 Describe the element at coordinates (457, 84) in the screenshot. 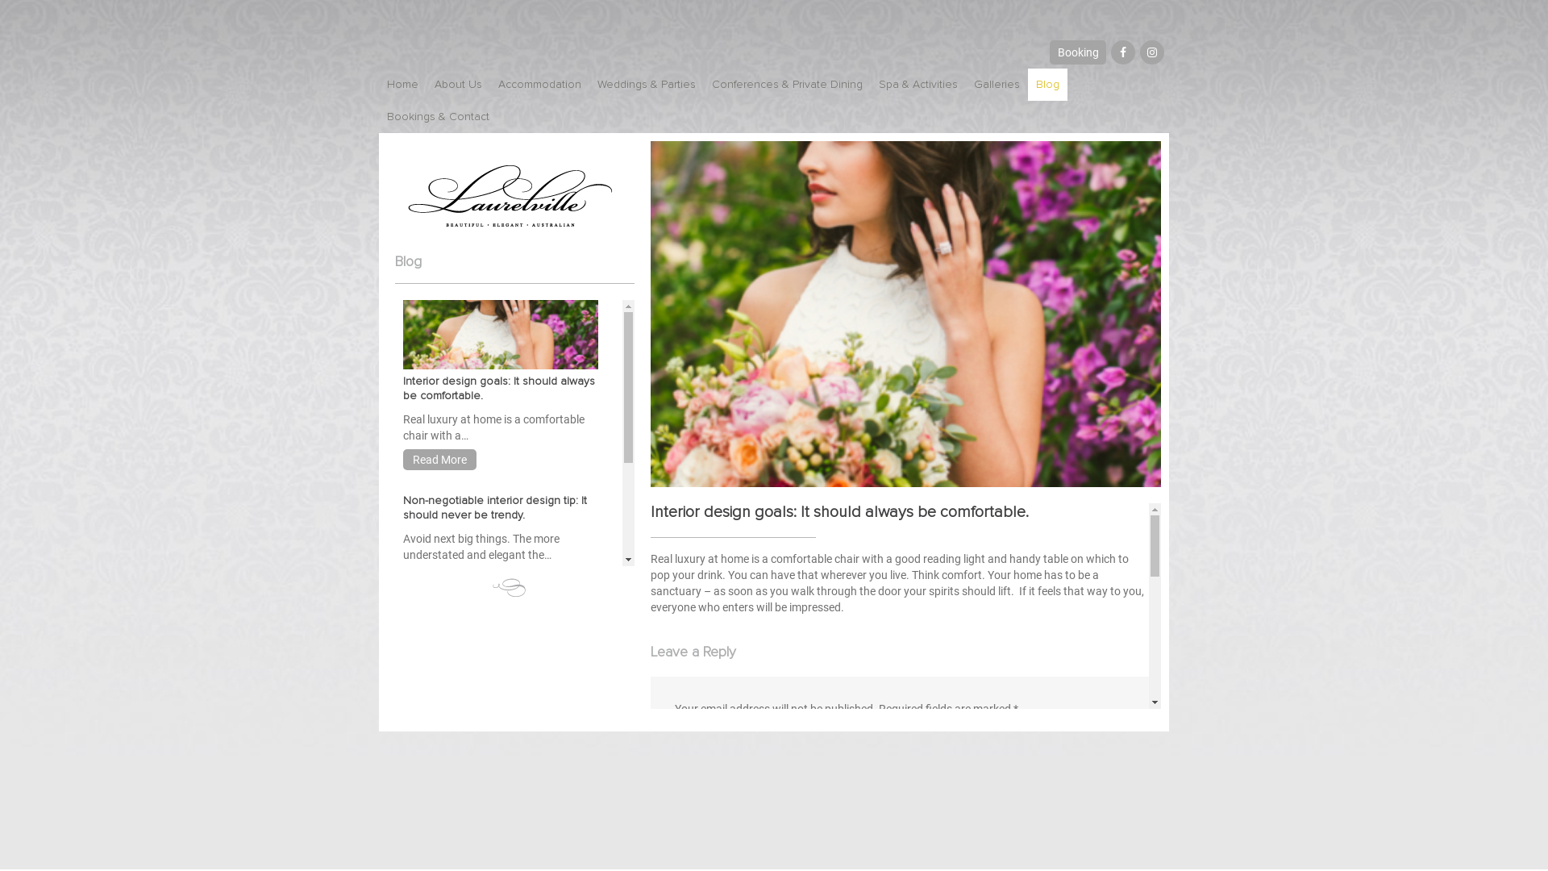

I see `'About Us'` at that location.